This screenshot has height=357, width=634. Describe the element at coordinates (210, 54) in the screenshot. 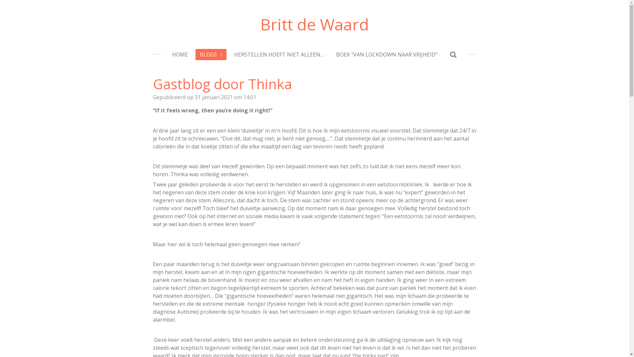

I see `'BLOGS'` at that location.